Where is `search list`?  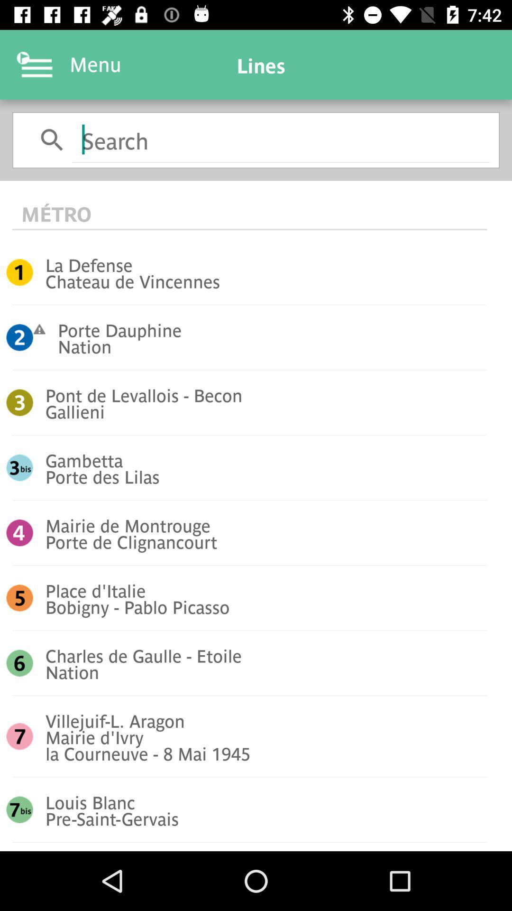 search list is located at coordinates (280, 139).